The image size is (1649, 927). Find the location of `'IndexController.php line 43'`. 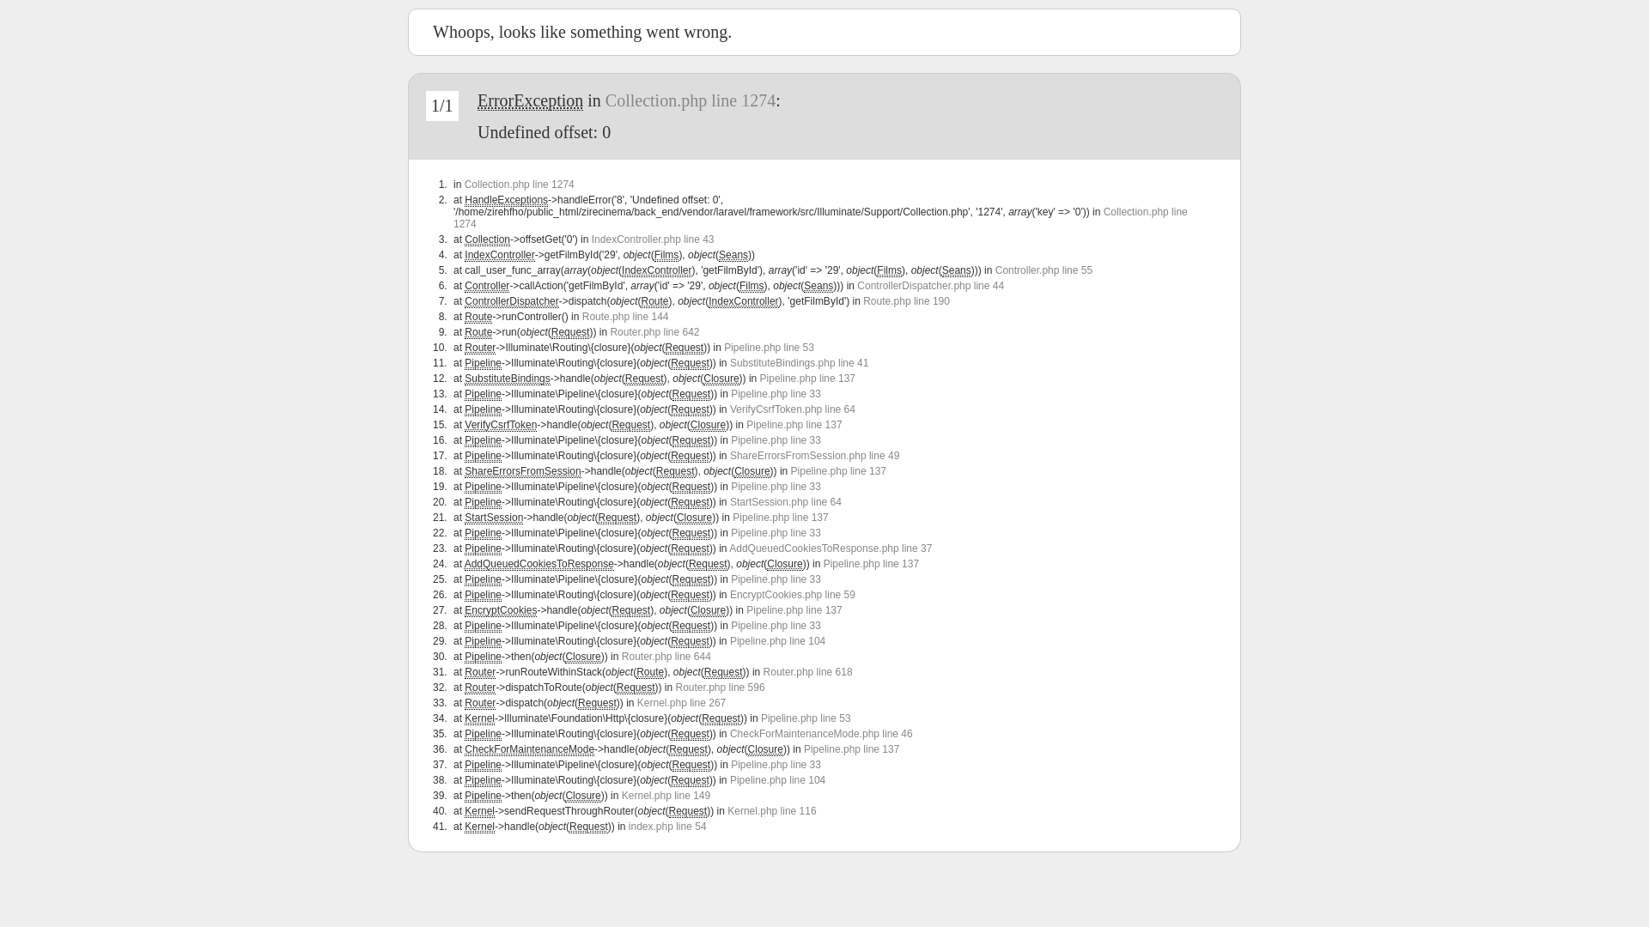

'IndexController.php line 43' is located at coordinates (652, 239).